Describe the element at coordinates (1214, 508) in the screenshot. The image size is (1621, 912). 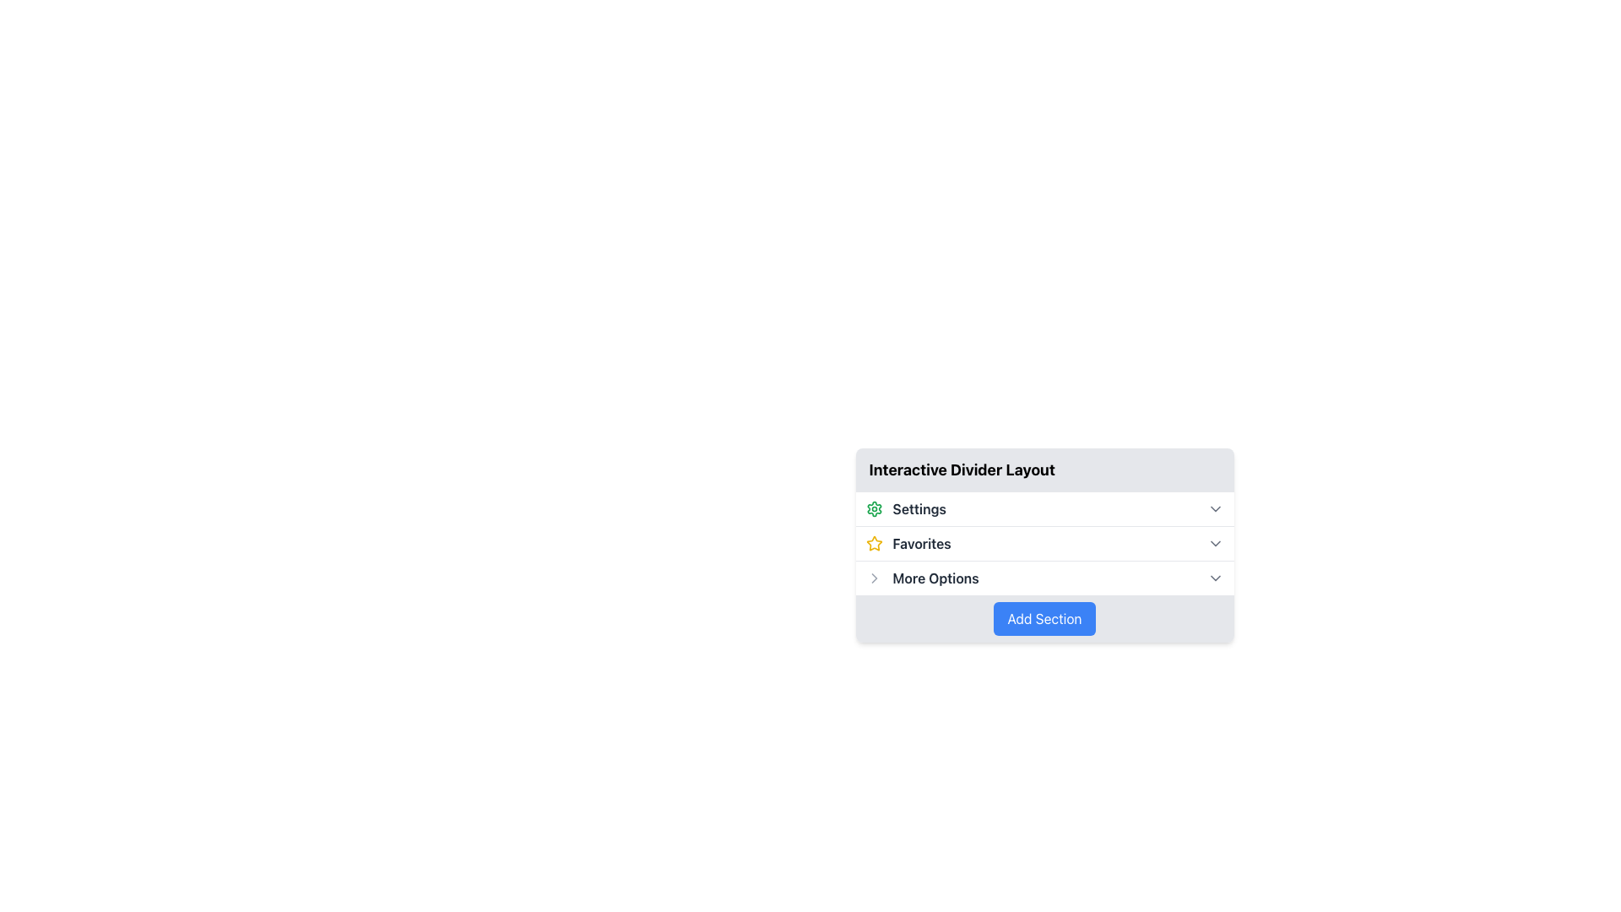
I see `the chevron icon located at the rightmost position in the 'Settings' menu row` at that location.